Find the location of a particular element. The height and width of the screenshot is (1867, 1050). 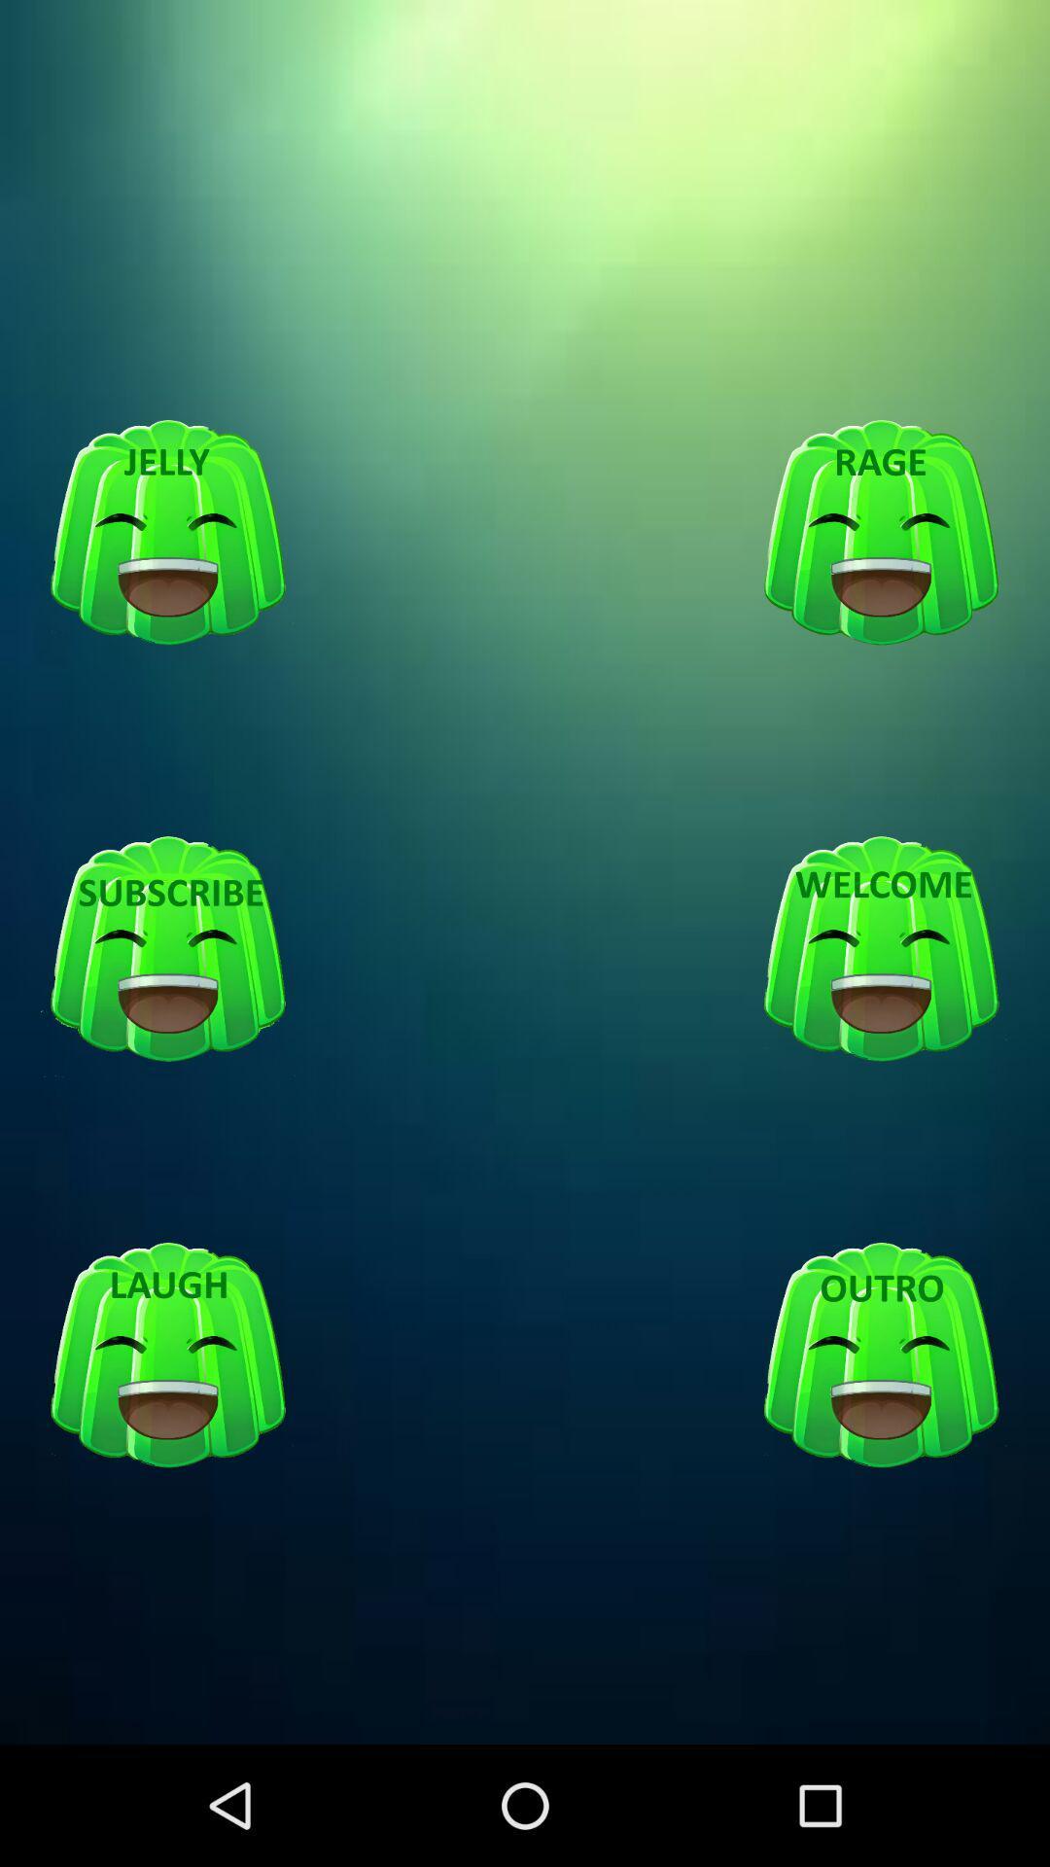

the icon at the bottom left corner is located at coordinates (167, 1356).